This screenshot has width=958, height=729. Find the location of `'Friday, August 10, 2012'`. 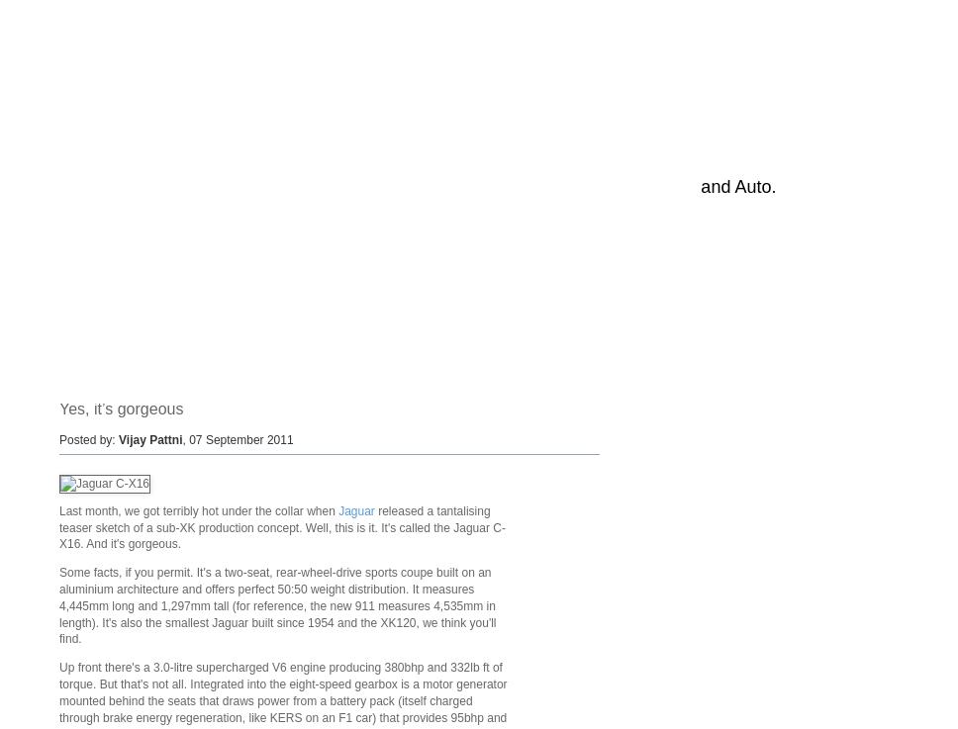

'Friday, August 10, 2012' is located at coordinates (164, 254).